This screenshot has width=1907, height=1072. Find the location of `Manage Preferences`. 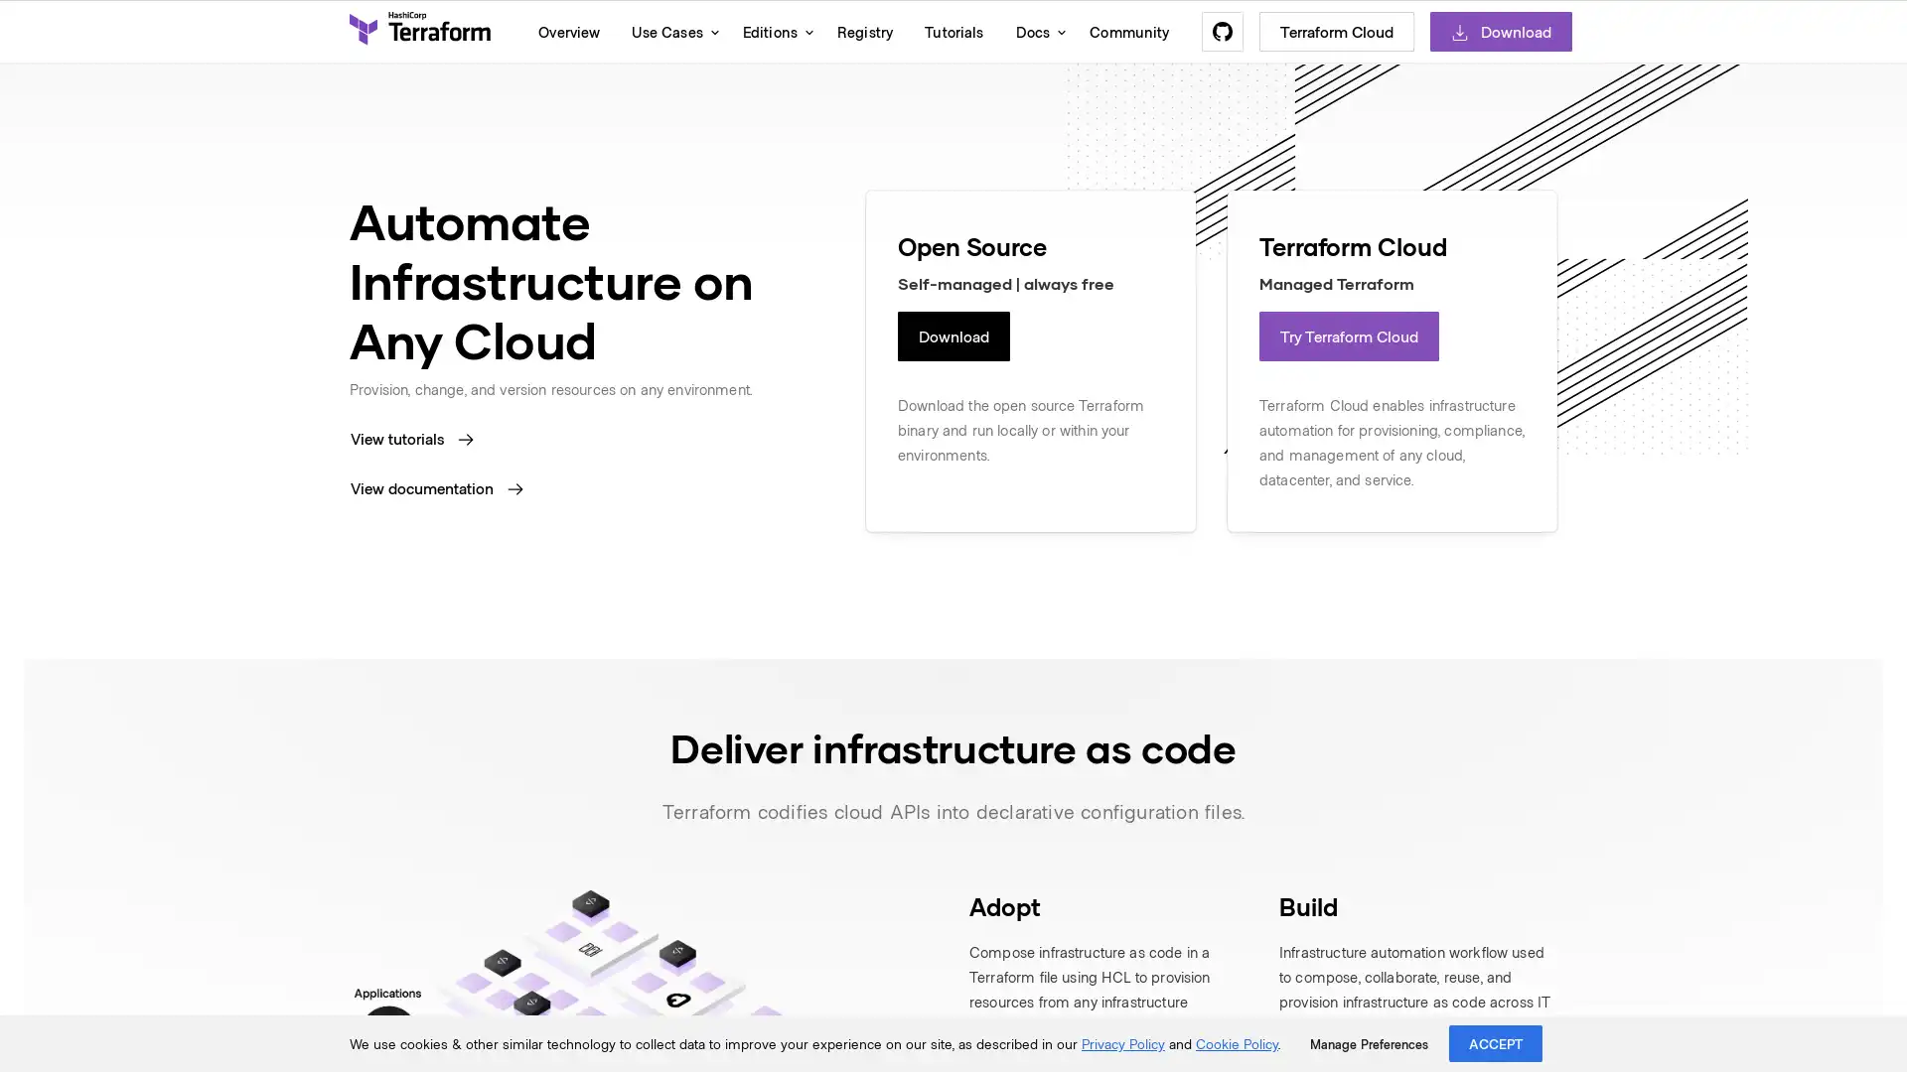

Manage Preferences is located at coordinates (1368, 1043).